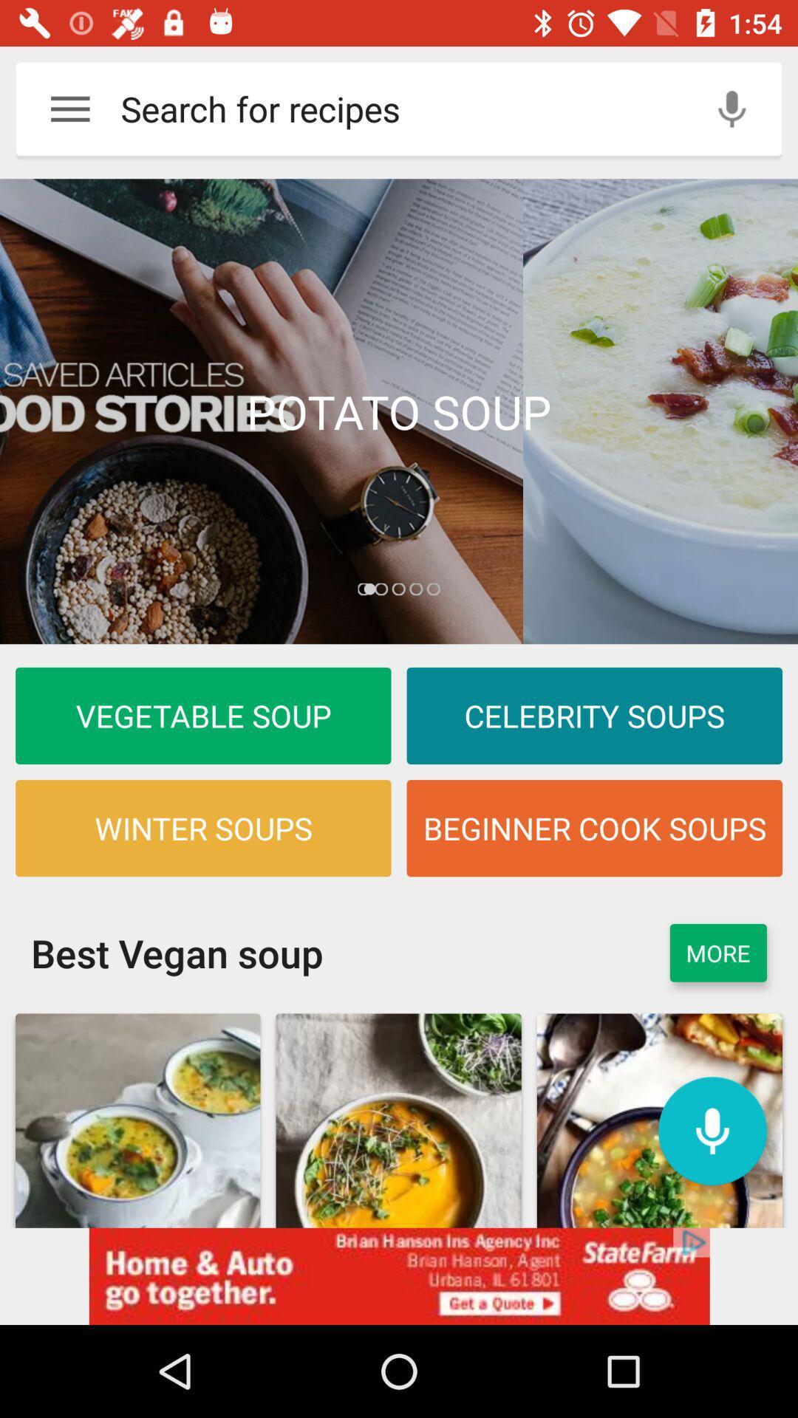 The width and height of the screenshot is (798, 1418). Describe the element at coordinates (399, 1275) in the screenshot. I see `click on advert` at that location.